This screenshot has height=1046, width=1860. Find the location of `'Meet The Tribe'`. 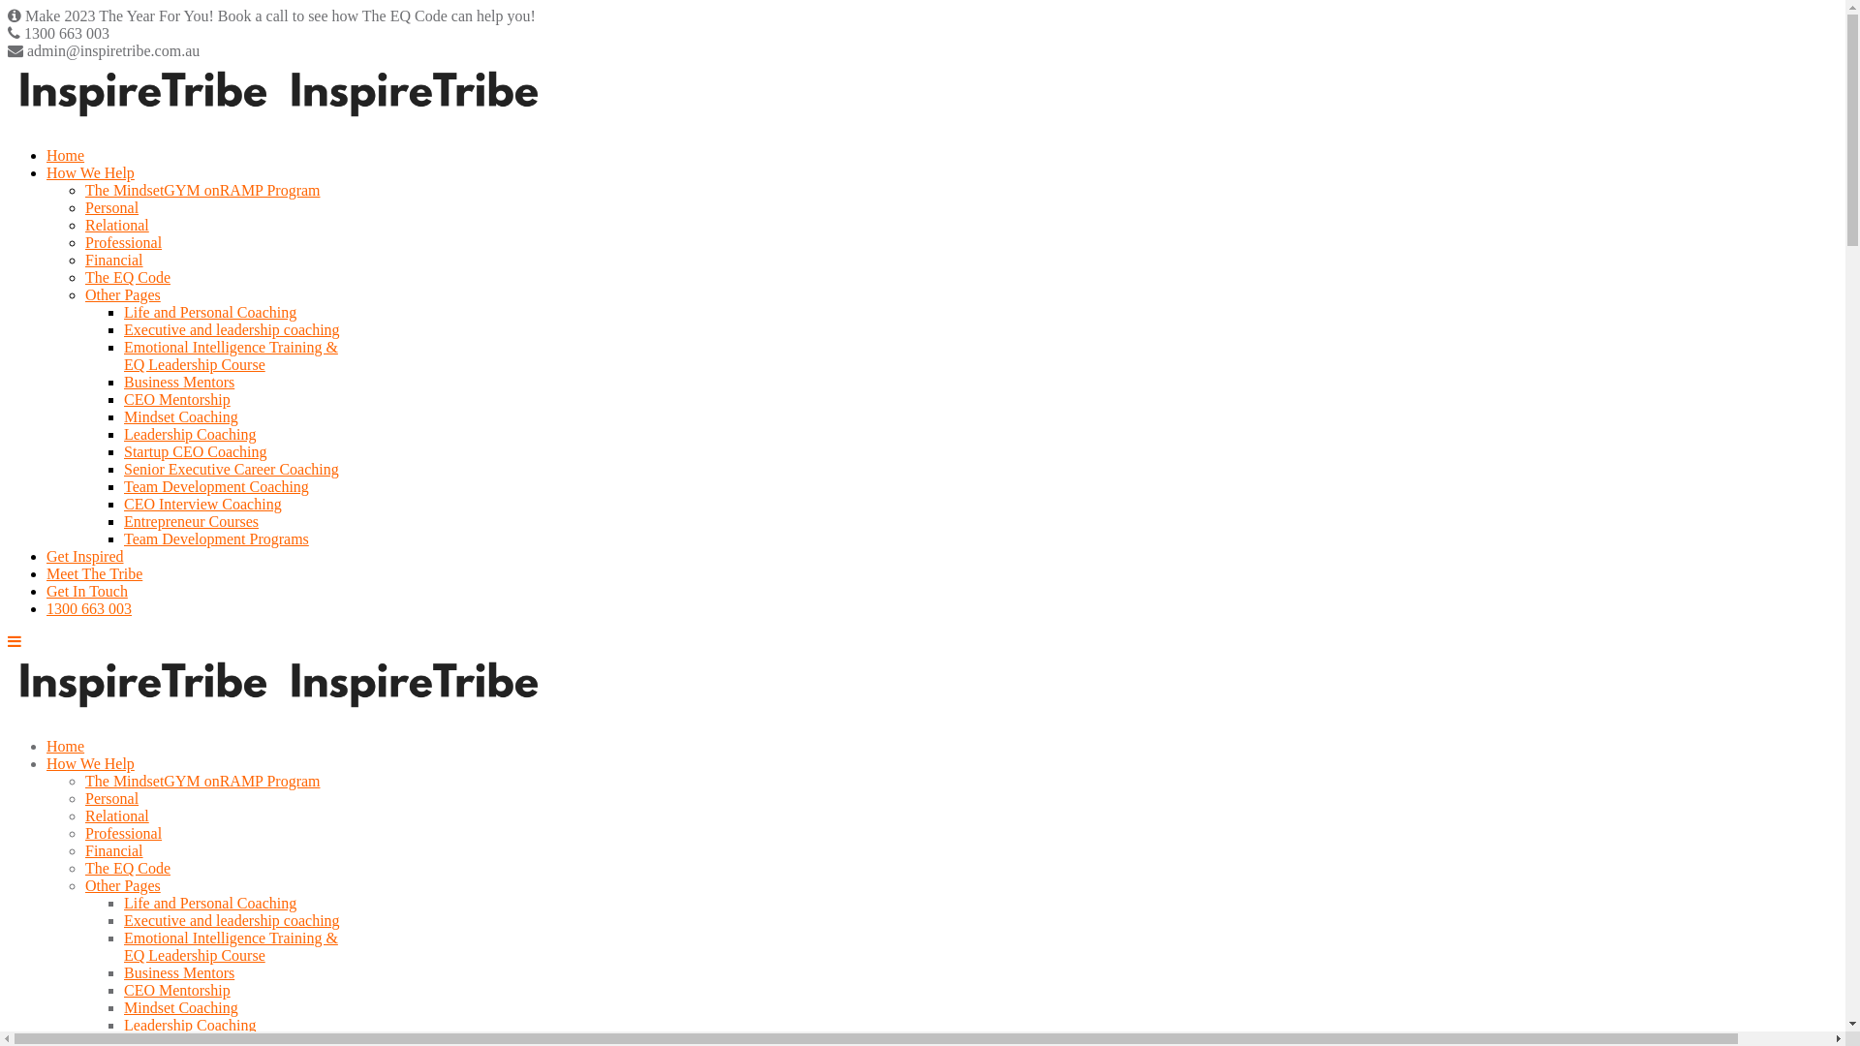

'Meet The Tribe' is located at coordinates (93, 572).